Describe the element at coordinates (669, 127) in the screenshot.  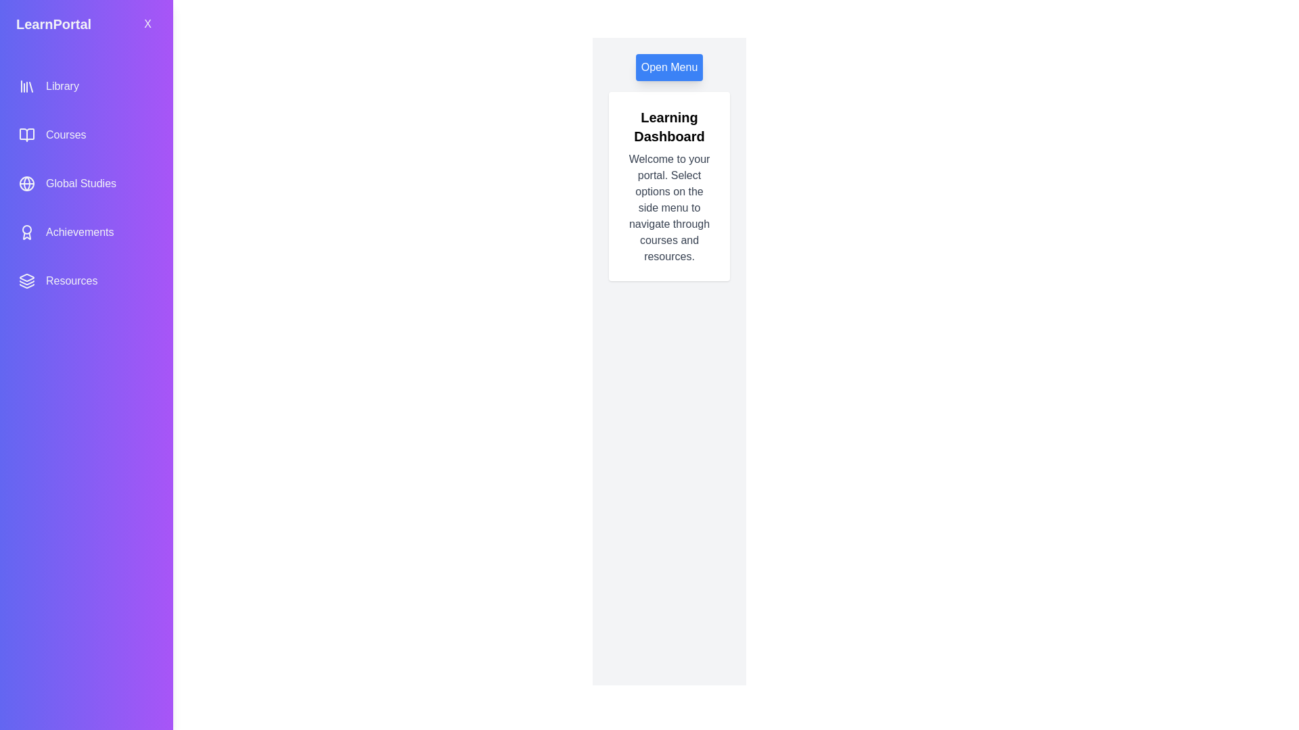
I see `the text 'Learning Dashboard' to select it` at that location.